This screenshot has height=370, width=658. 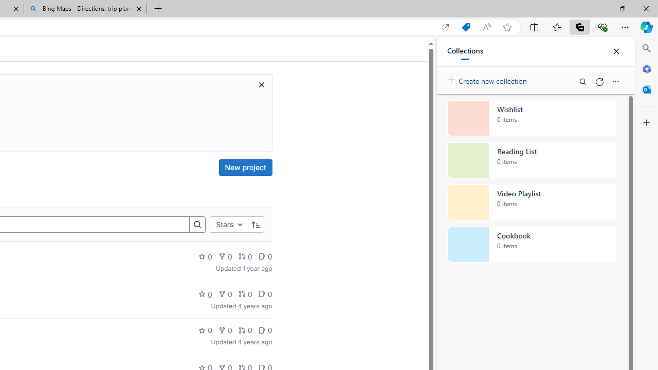 I want to click on 'Reading List collection, 0 items', so click(x=532, y=160).